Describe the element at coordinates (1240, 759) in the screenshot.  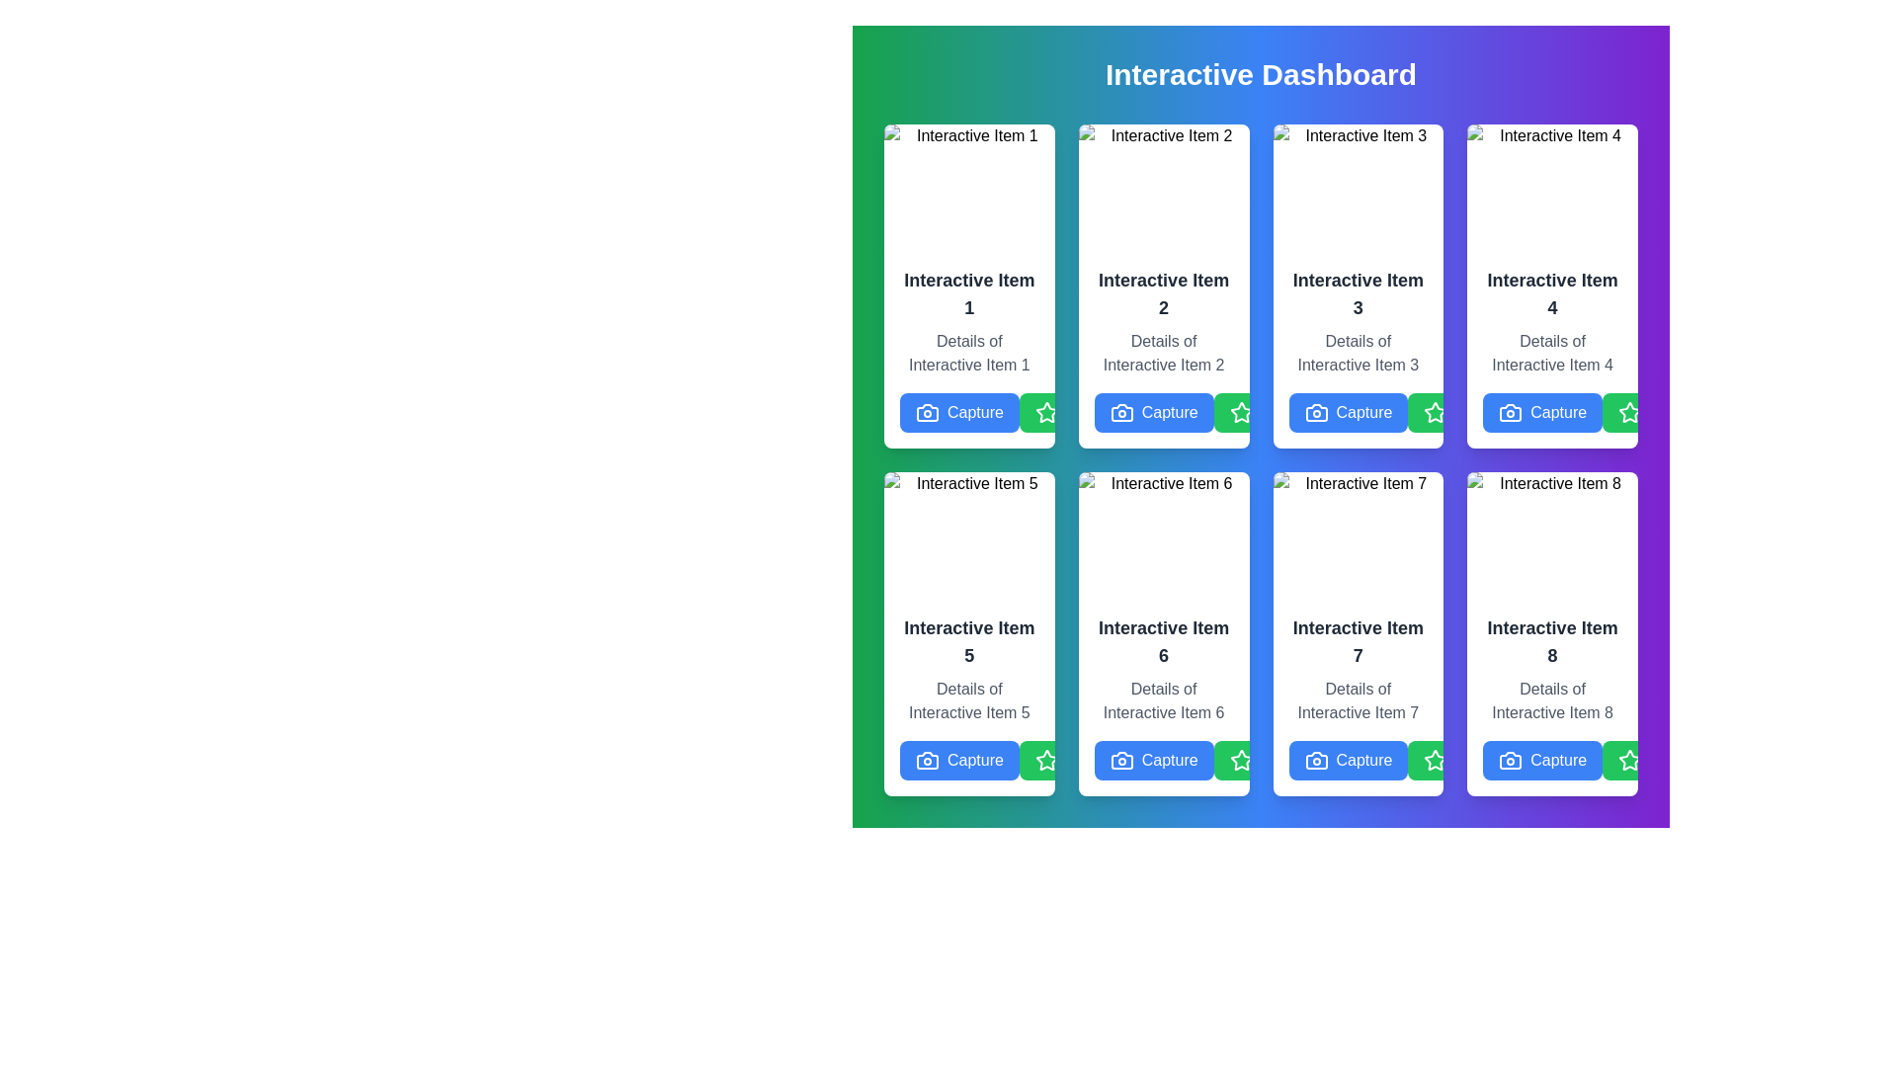
I see `the green-bordered star icon, which serves as a favorite indicator for the grid item labeled 'Interactive Item 6'` at that location.